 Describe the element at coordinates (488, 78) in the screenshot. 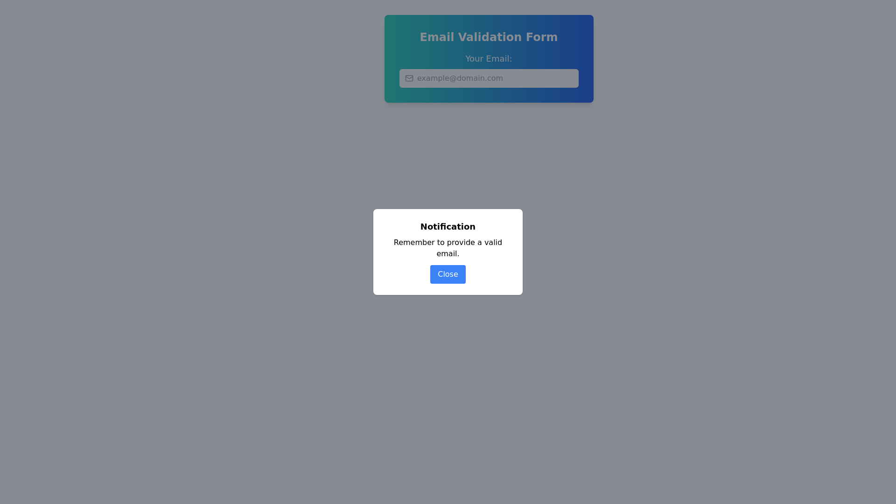

I see `the text input field for entering the email address, located below the label 'Your Email:' at the top-center of the layout` at that location.